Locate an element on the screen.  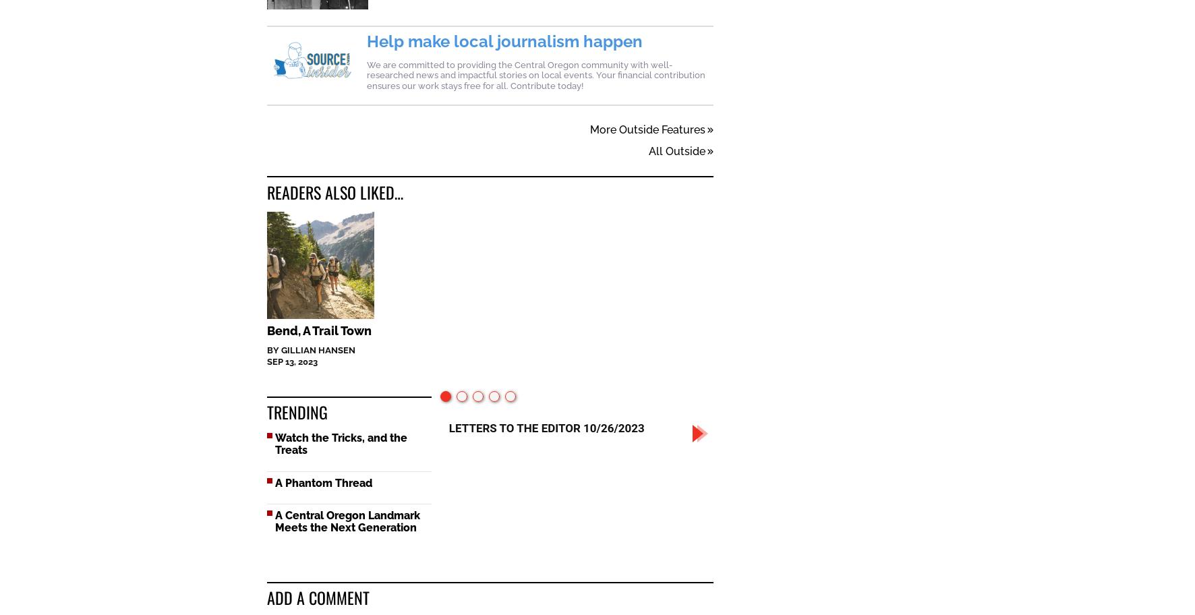
'Add a comment' is located at coordinates (318, 598).